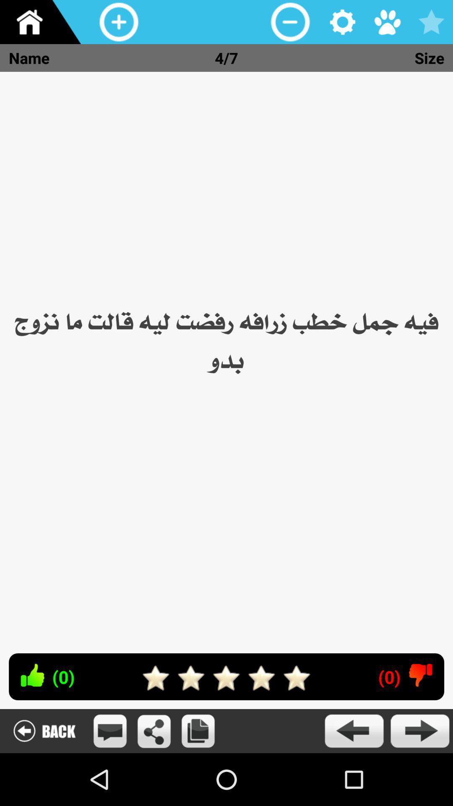 The image size is (453, 806). I want to click on copy this phrase, so click(198, 730).